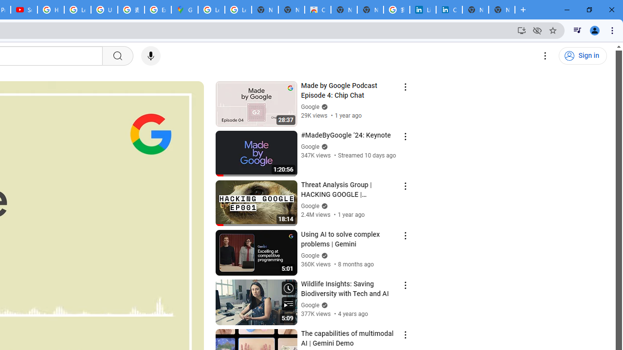 The image size is (623, 350). Describe the element at coordinates (317, 10) in the screenshot. I see `'Chrome Web Store'` at that location.